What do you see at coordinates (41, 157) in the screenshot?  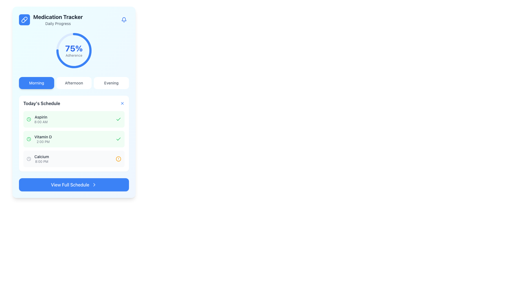 I see `the static text label 'Calcium', which is part of 'Today's Schedule' and located above the time indication '8:00 PM'` at bounding box center [41, 157].